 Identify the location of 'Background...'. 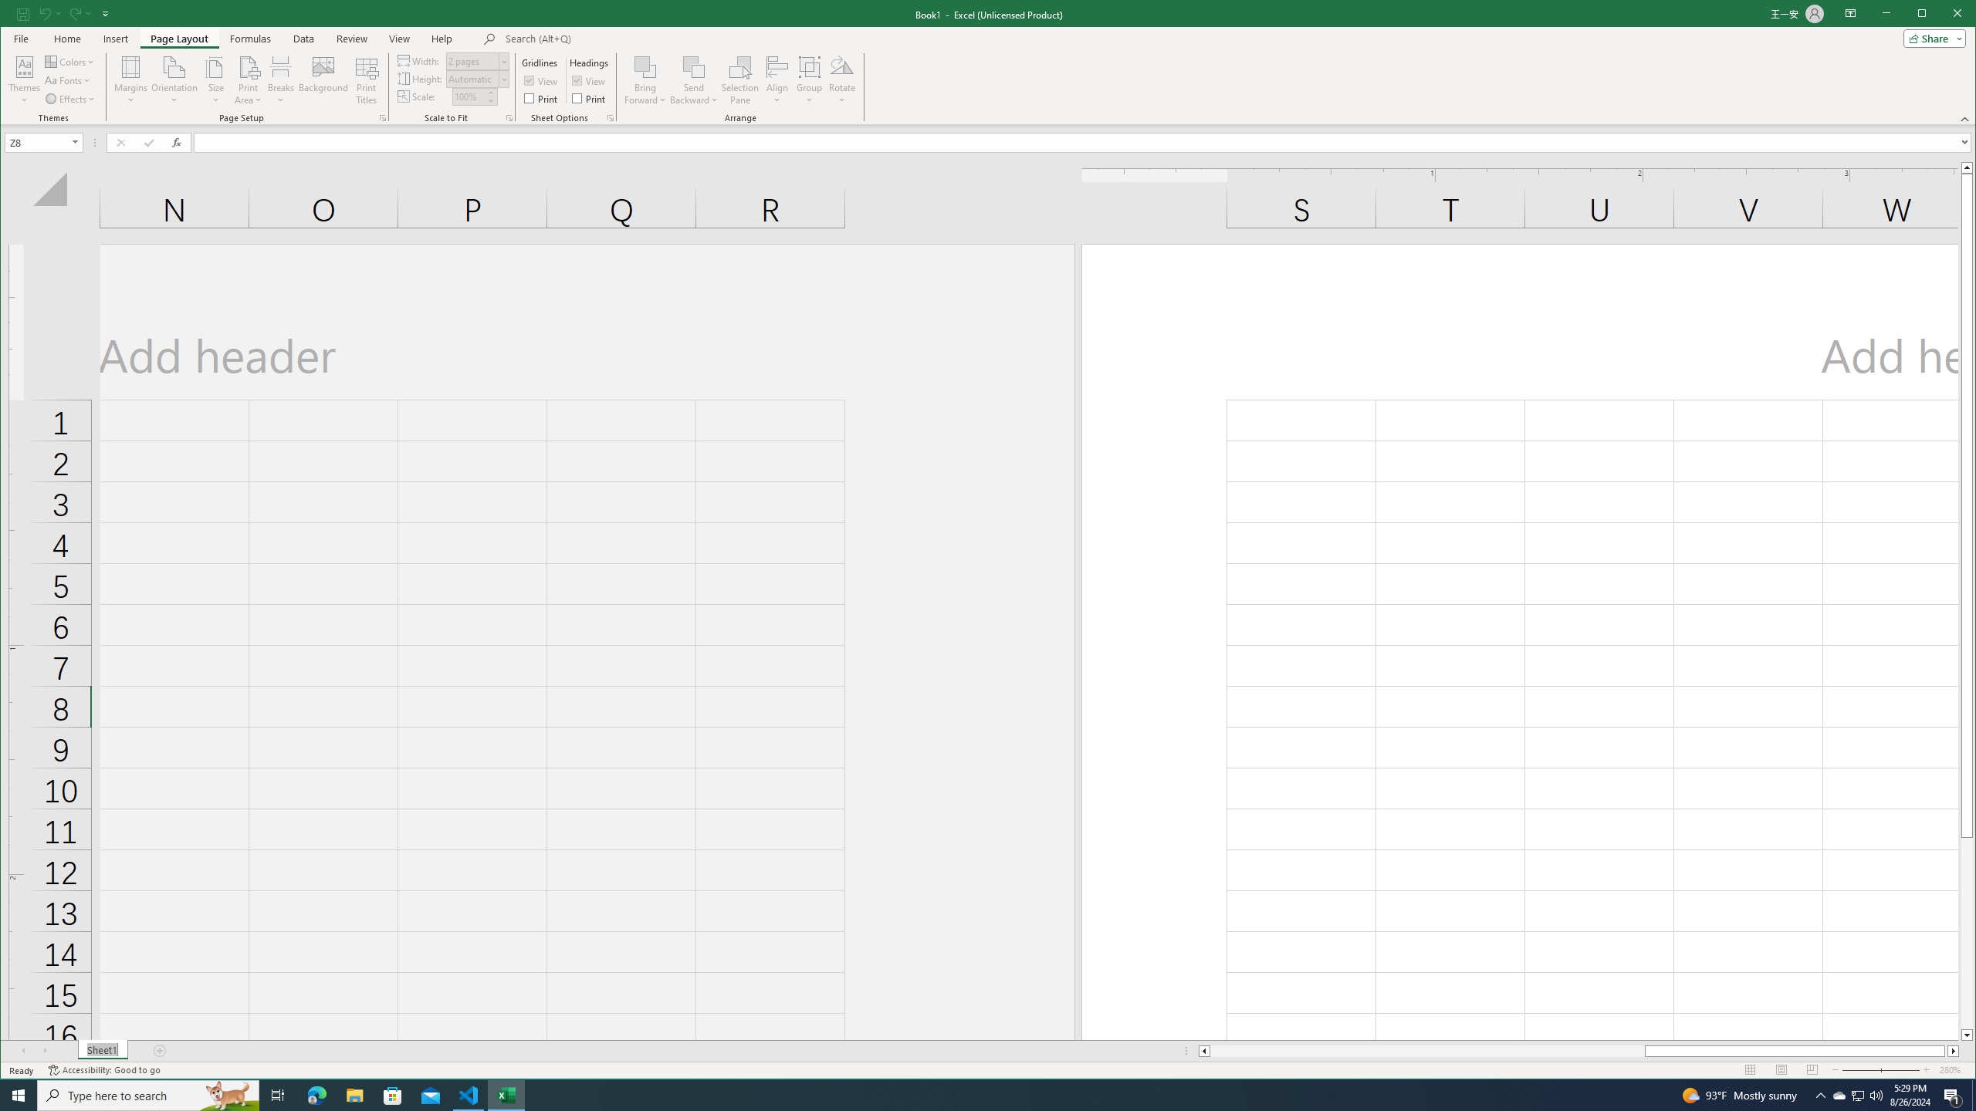
(322, 79).